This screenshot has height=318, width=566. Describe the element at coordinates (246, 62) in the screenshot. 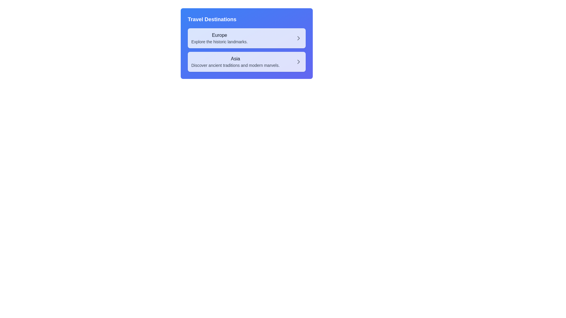

I see `the list item for 'Asia' in the 'Travel Destinations' navigation list` at that location.